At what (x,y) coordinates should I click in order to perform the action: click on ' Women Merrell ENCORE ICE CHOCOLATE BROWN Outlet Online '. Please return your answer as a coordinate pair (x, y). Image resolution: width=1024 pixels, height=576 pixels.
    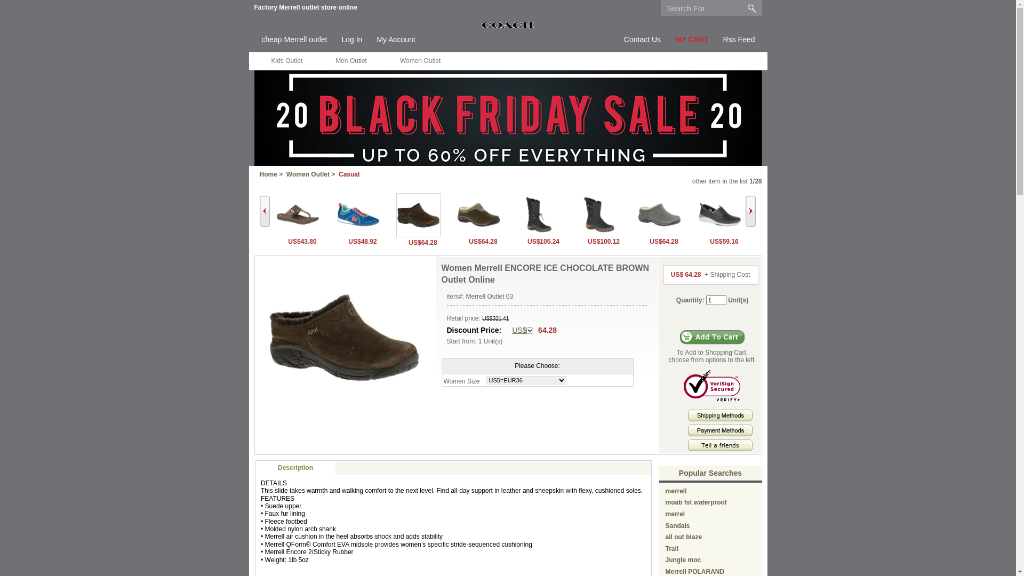
    Looking at the image, I should click on (343, 337).